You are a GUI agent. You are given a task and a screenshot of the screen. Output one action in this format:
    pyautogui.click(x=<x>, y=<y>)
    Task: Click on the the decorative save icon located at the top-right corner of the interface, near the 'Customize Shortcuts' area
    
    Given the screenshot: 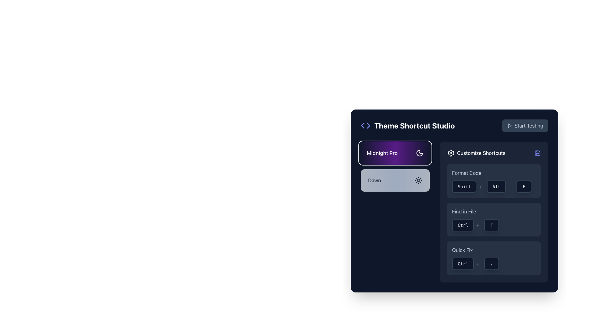 What is the action you would take?
    pyautogui.click(x=537, y=153)
    